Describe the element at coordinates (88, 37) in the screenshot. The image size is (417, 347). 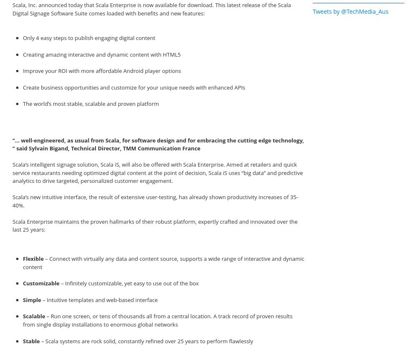
I see `'Only 4 easy steps to publish engaging digital content'` at that location.